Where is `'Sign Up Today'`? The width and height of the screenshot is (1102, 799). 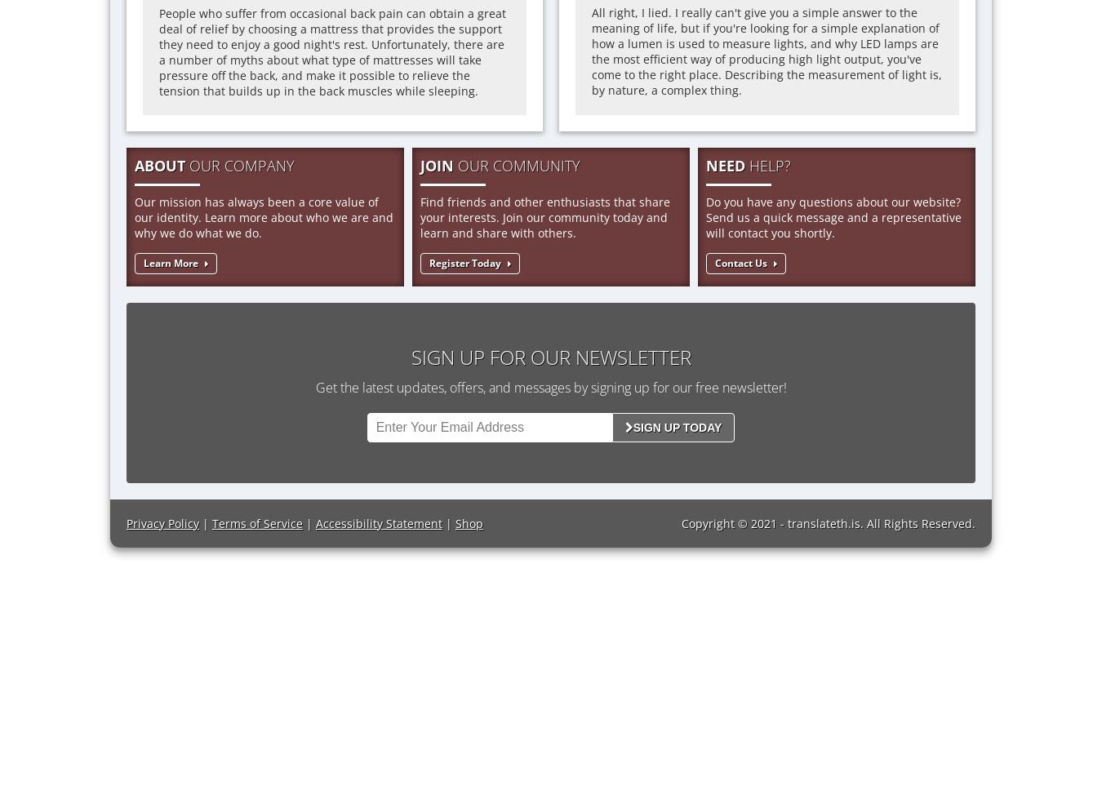 'Sign Up Today' is located at coordinates (632, 426).